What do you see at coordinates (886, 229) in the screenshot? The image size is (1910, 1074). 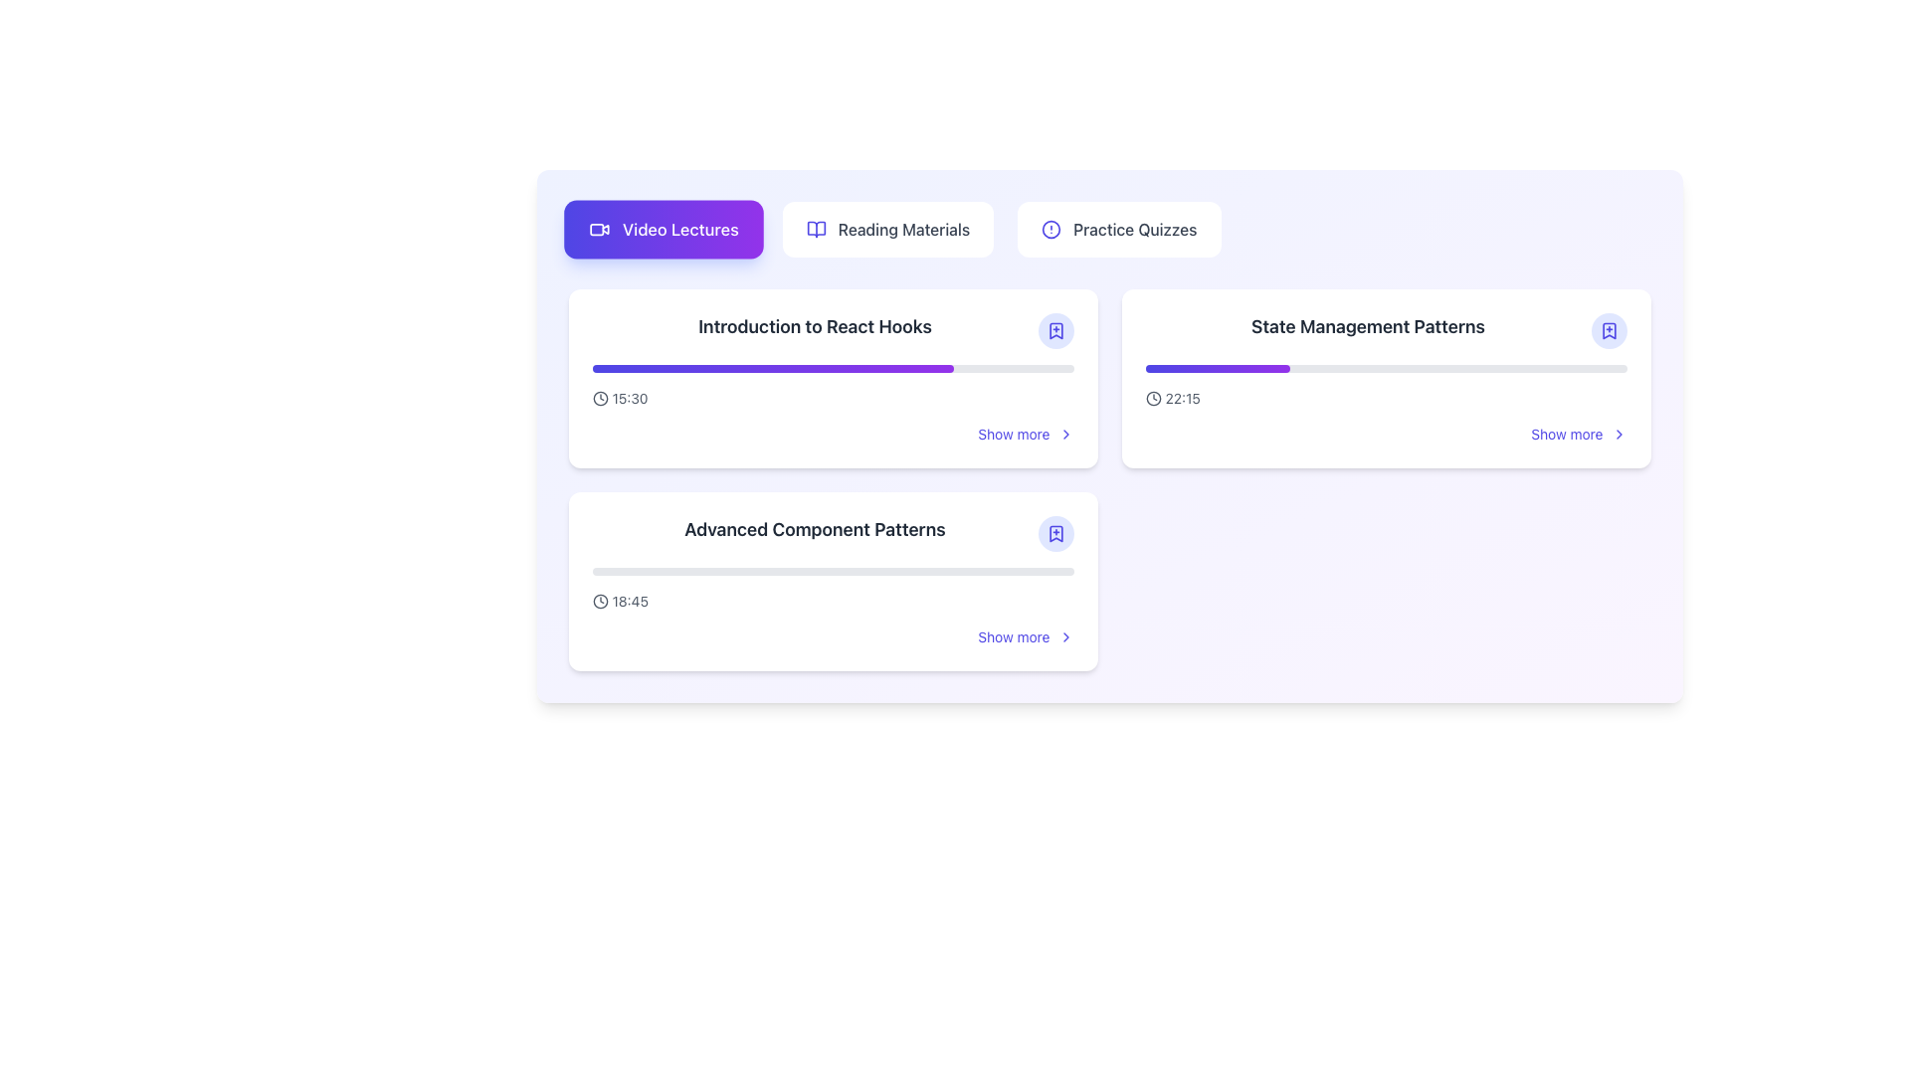 I see `the central button that navigates users to the 'Reading Materials' section of the application` at bounding box center [886, 229].